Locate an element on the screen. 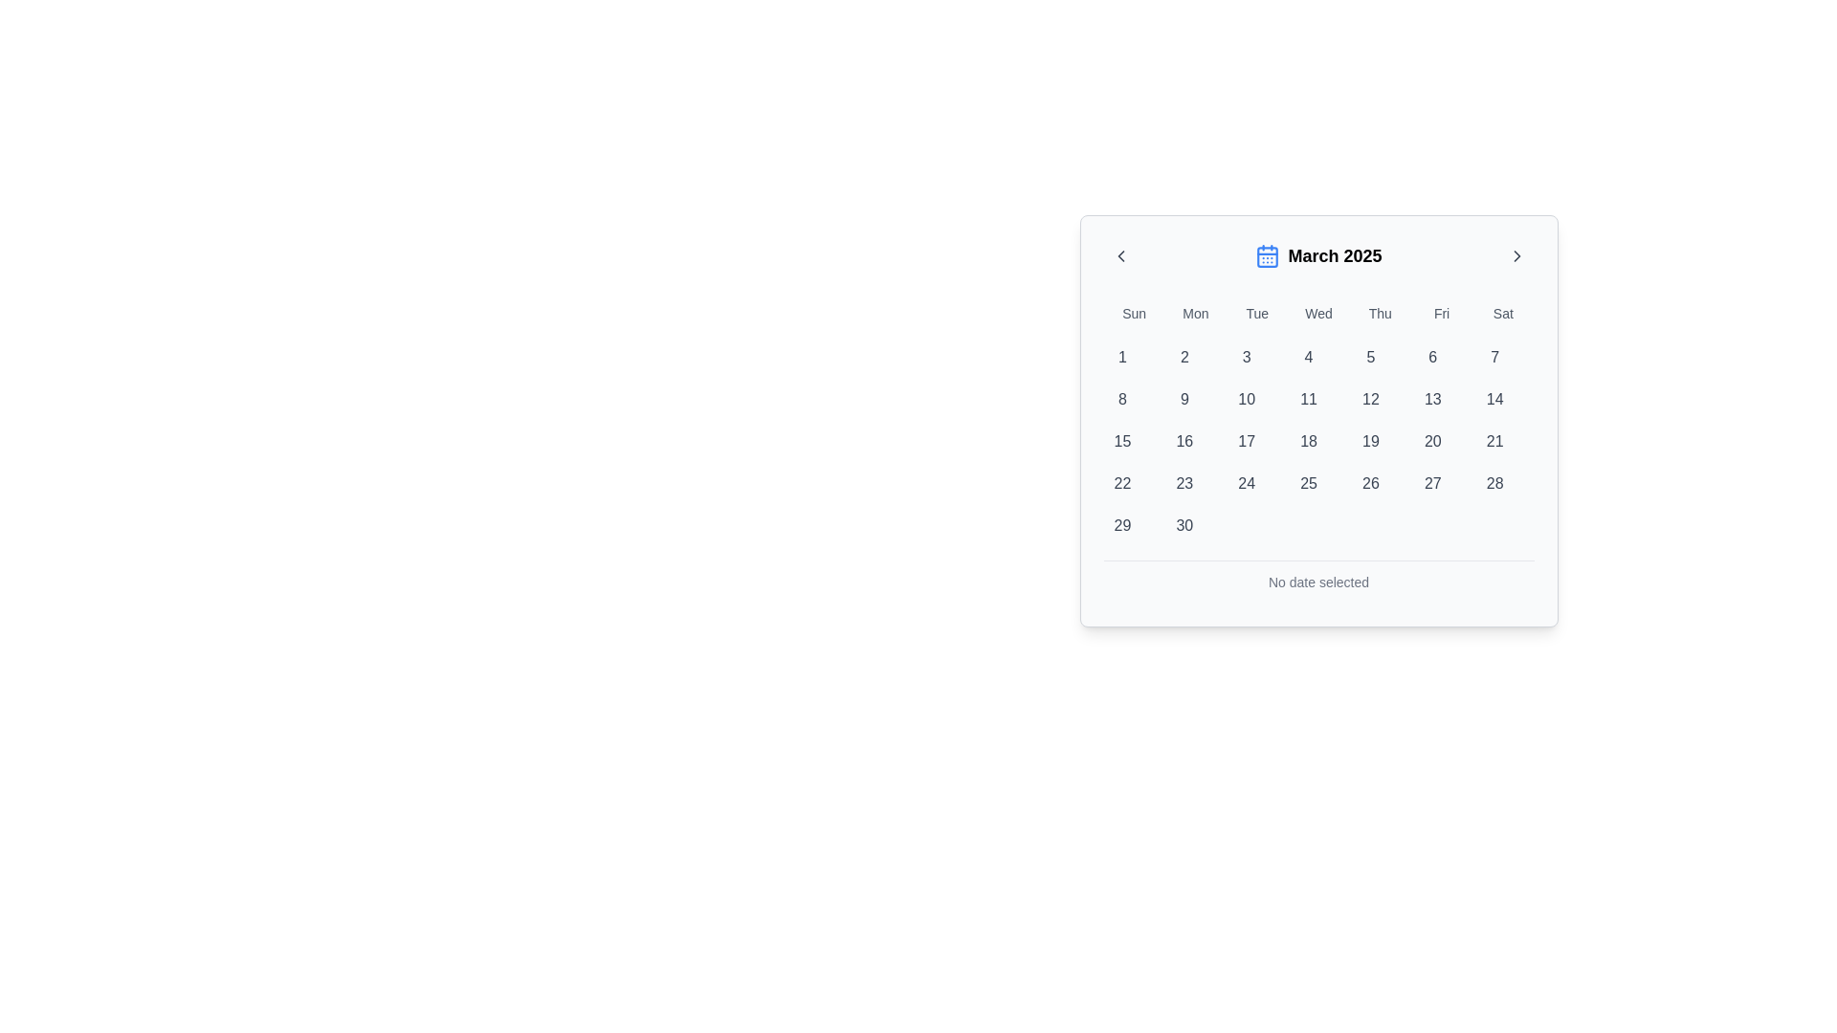  the button displaying the number '21' in a gray font, located in the Saturday column of the monthly calendar, to prepare it for keyboard interaction is located at coordinates (1494, 442).